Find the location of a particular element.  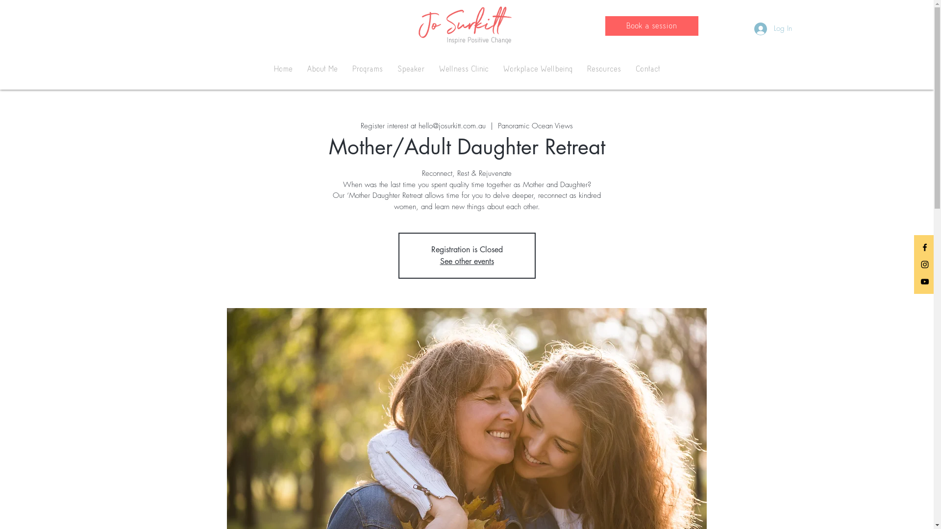

'Programs' is located at coordinates (345, 69).